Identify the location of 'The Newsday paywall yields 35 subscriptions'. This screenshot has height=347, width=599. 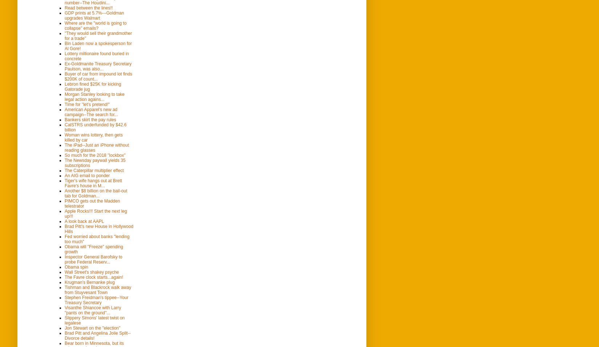
(64, 162).